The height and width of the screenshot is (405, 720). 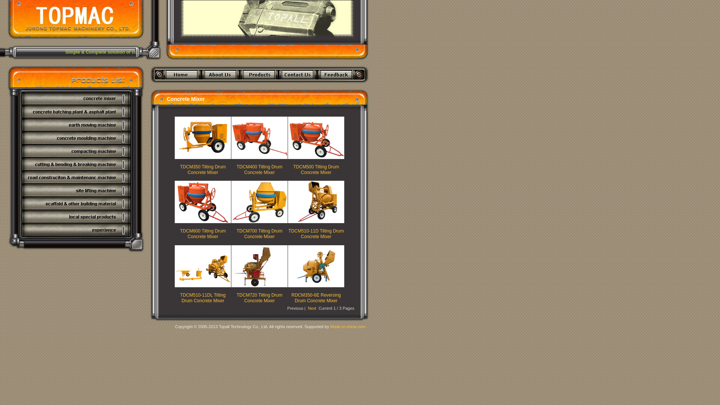 What do you see at coordinates (259, 233) in the screenshot?
I see `'TDCM700 Tilting Drum Concrete Mixer'` at bounding box center [259, 233].